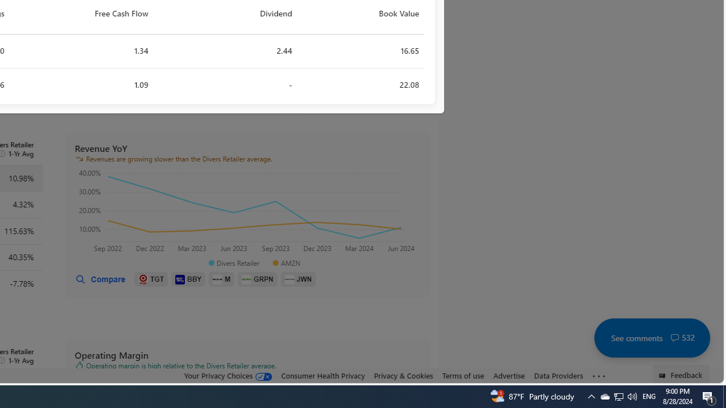 The width and height of the screenshot is (726, 408). I want to click on 'Class: cwt-icon-vector', so click(675, 337).